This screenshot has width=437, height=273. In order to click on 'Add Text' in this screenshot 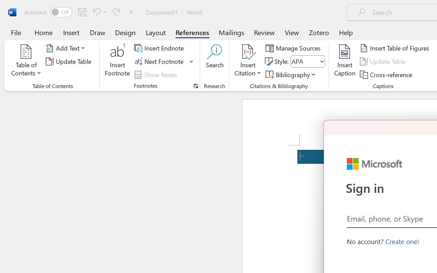, I will do `click(67, 48)`.